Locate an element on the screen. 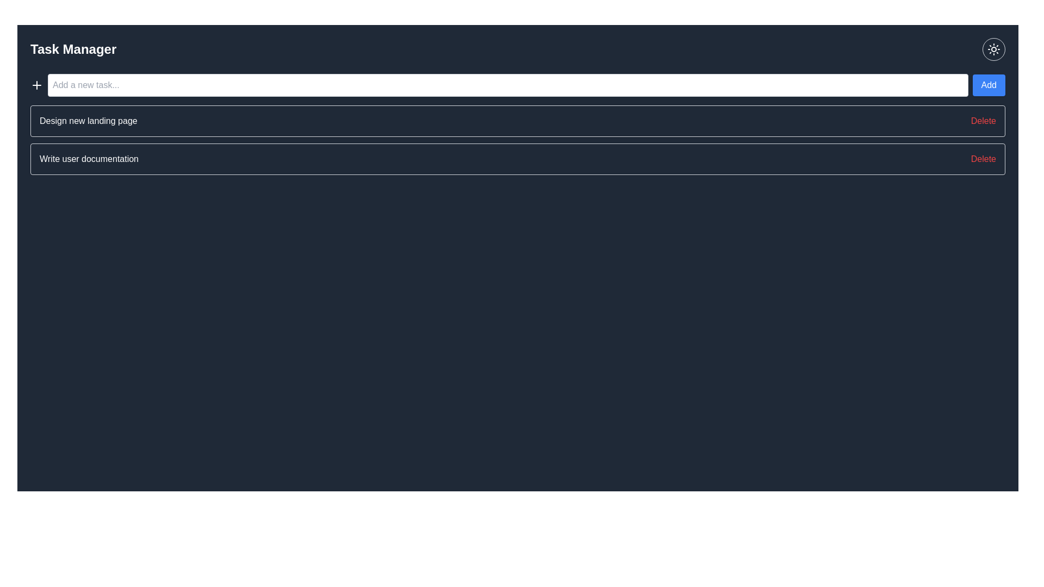 The height and width of the screenshot is (587, 1044). the sun icon button located in the top-right corner of the interface is located at coordinates (994, 49).